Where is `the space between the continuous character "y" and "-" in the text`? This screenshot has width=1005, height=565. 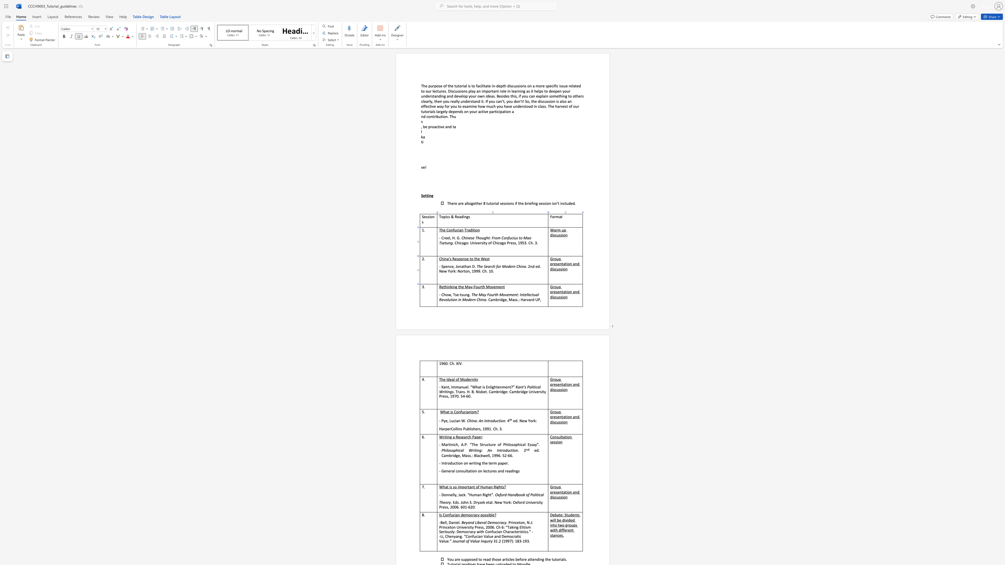
the space between the continuous character "y" and "-" in the text is located at coordinates (472, 286).